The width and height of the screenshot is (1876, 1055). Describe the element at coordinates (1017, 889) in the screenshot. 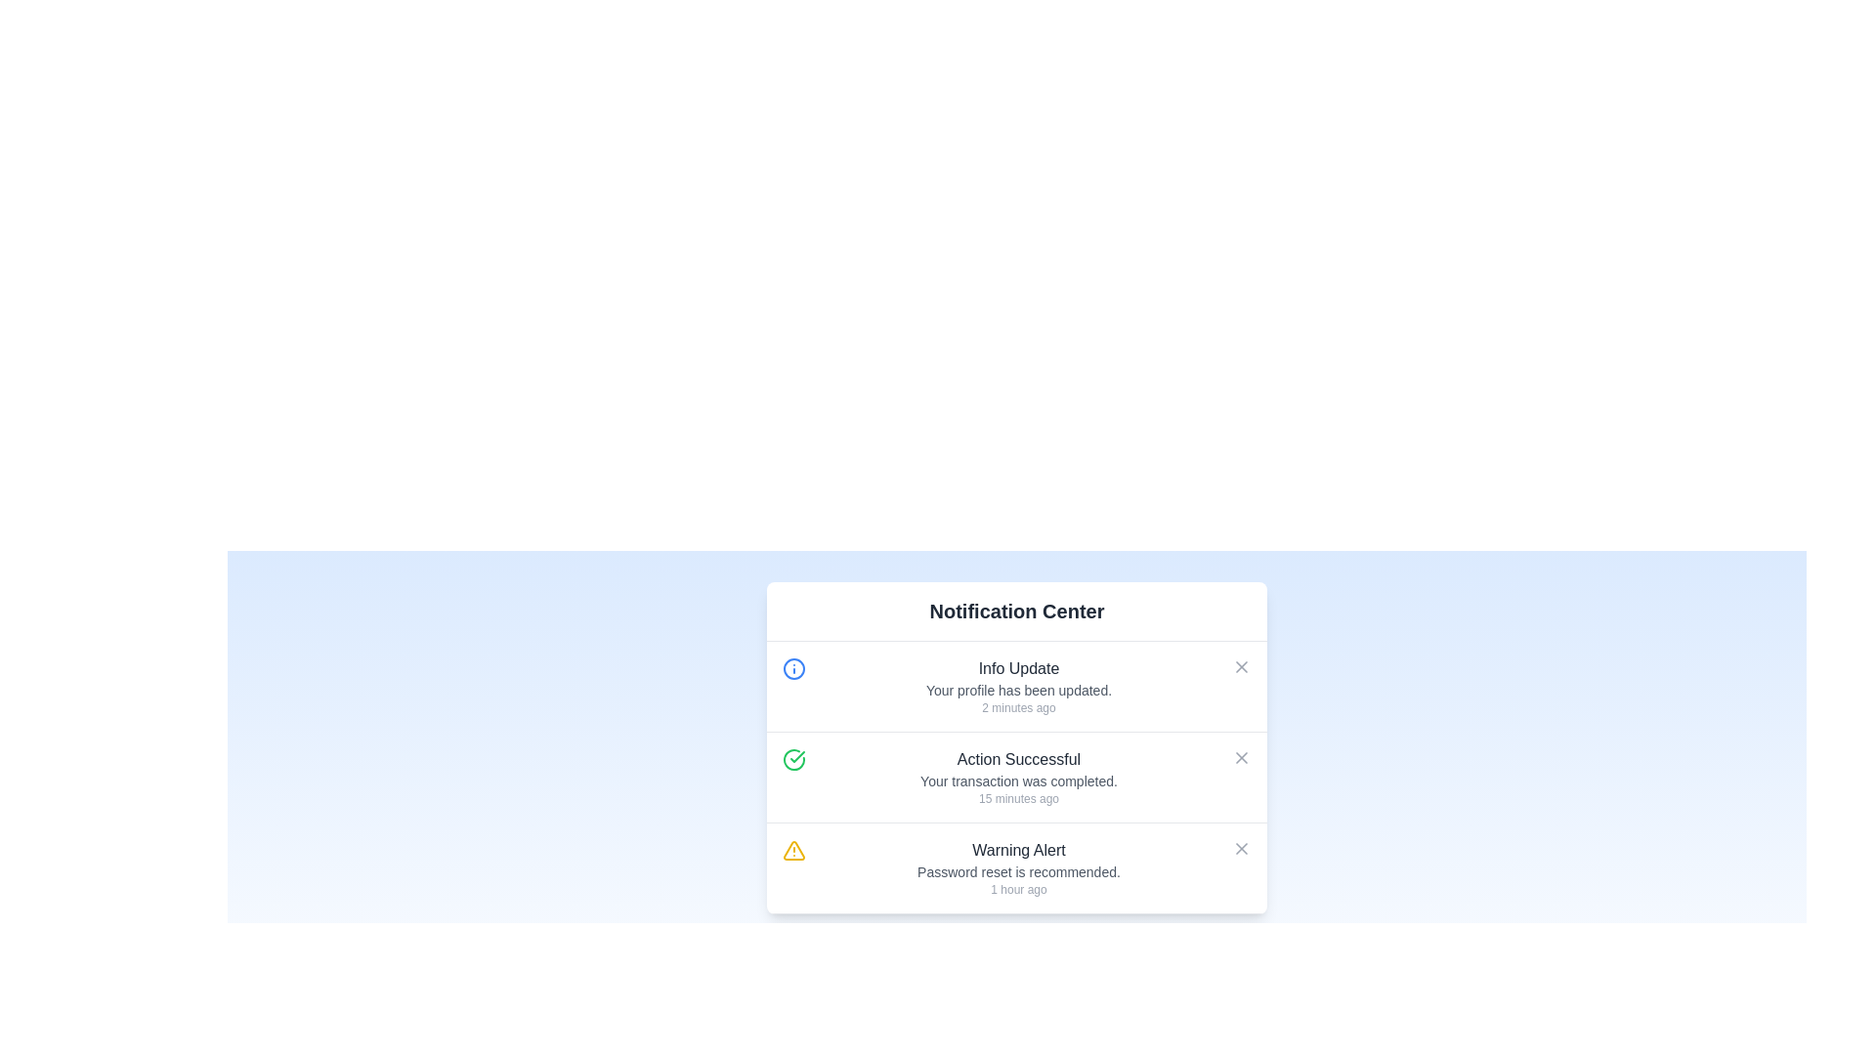

I see `the static text that informs the user about the time elapsed since the associated alert was issued, which is located at the bottom of the 'Warning Alert' notification, below the text 'Password reset is recommended.'` at that location.